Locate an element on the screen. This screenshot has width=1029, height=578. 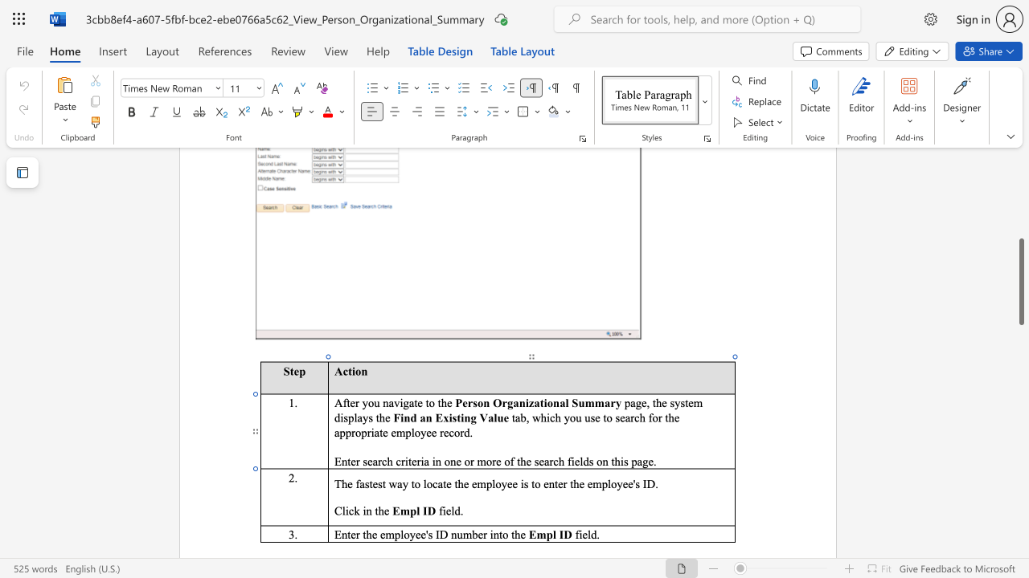
the 1th character "E" in the text is located at coordinates (337, 534).